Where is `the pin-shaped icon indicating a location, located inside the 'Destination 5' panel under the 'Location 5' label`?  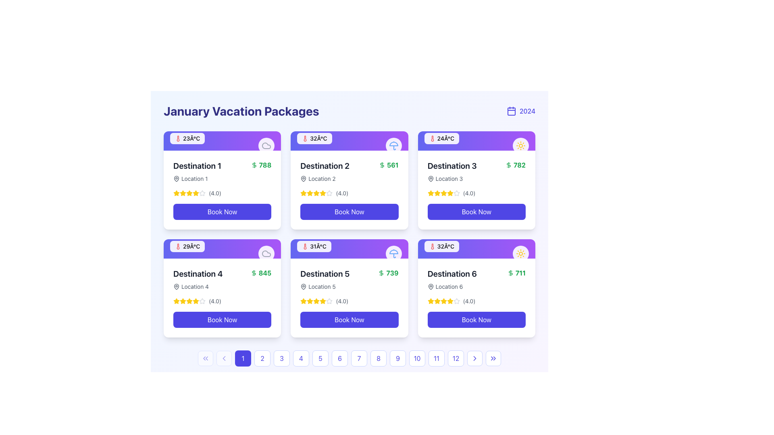
the pin-shaped icon indicating a location, located inside the 'Destination 5' panel under the 'Location 5' label is located at coordinates (303, 286).